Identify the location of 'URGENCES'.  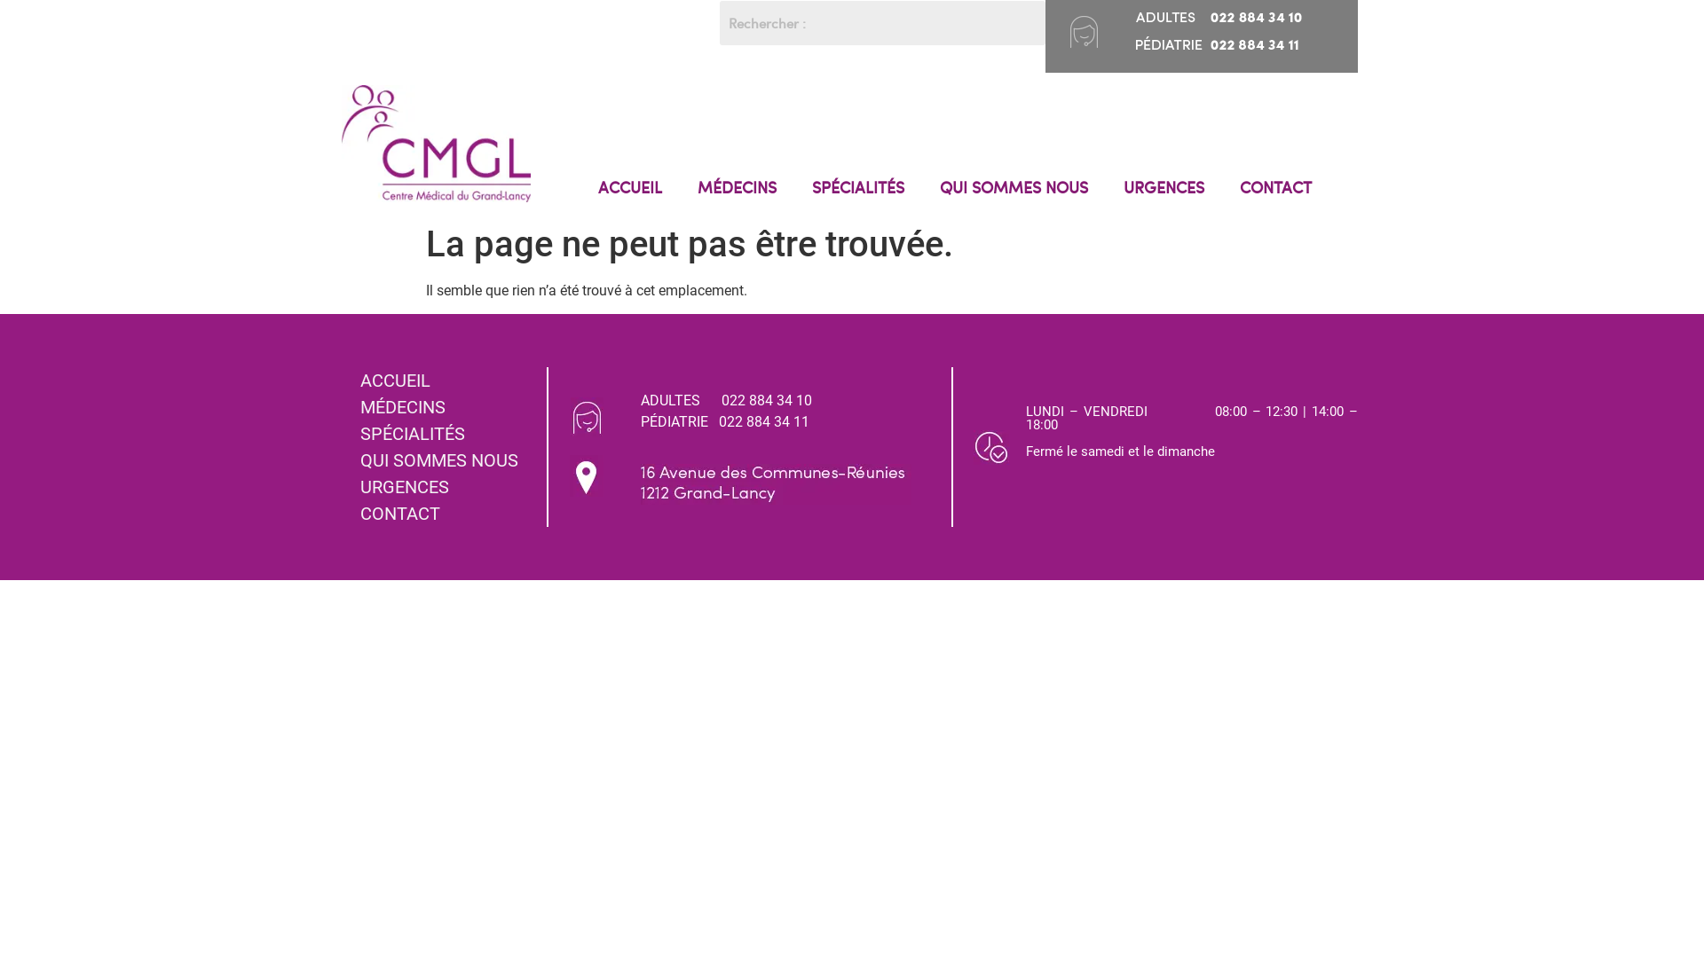
(1105, 187).